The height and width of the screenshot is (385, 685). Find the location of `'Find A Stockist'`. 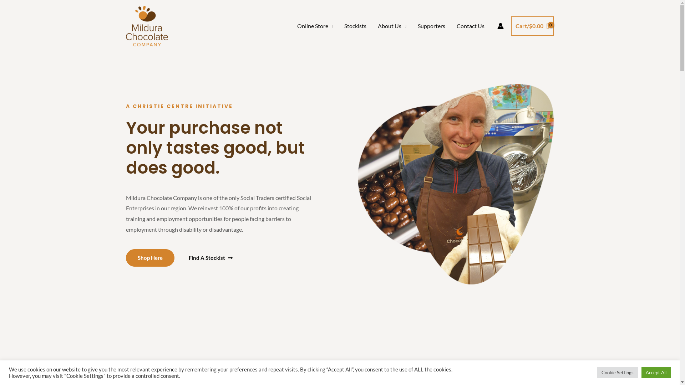

'Find A Stockist' is located at coordinates (210, 258).